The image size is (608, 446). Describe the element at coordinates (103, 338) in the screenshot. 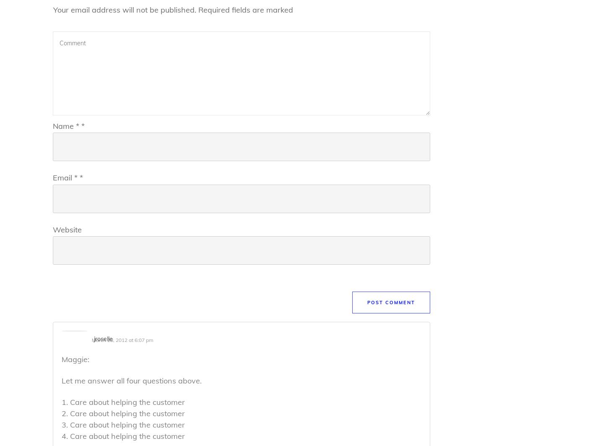

I see `'jroselle'` at that location.